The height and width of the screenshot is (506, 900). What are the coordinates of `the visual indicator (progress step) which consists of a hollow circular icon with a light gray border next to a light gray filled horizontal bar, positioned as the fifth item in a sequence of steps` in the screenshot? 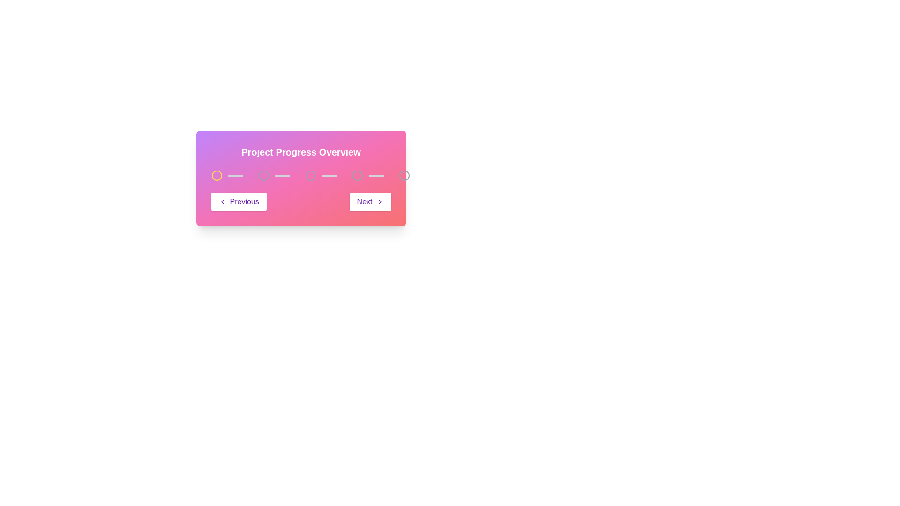 It's located at (367, 175).